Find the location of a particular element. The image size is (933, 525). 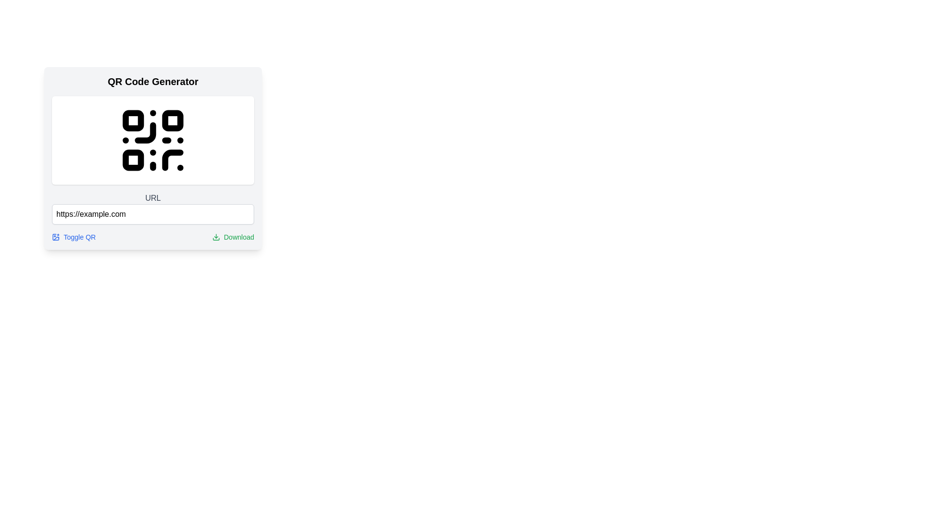

the QR code displayed in the center of the 'QR Code Generator' card is located at coordinates (153, 140).